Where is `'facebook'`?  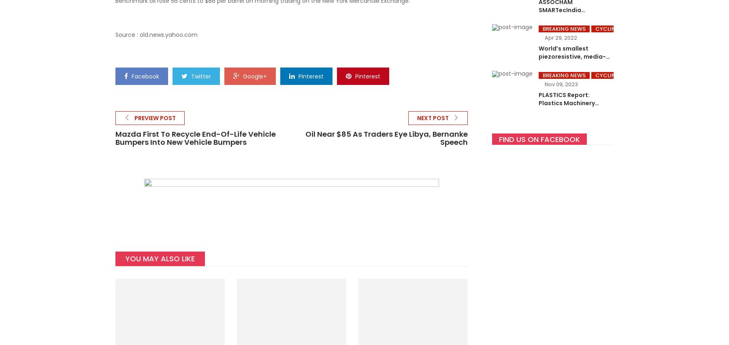
'facebook' is located at coordinates (145, 76).